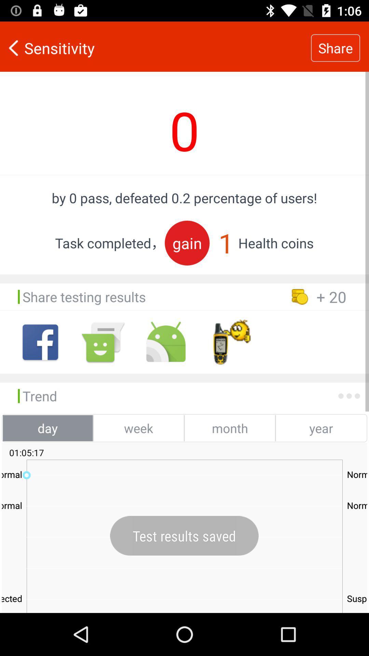 This screenshot has width=369, height=656. Describe the element at coordinates (40, 342) in the screenshot. I see `the facebook icon` at that location.